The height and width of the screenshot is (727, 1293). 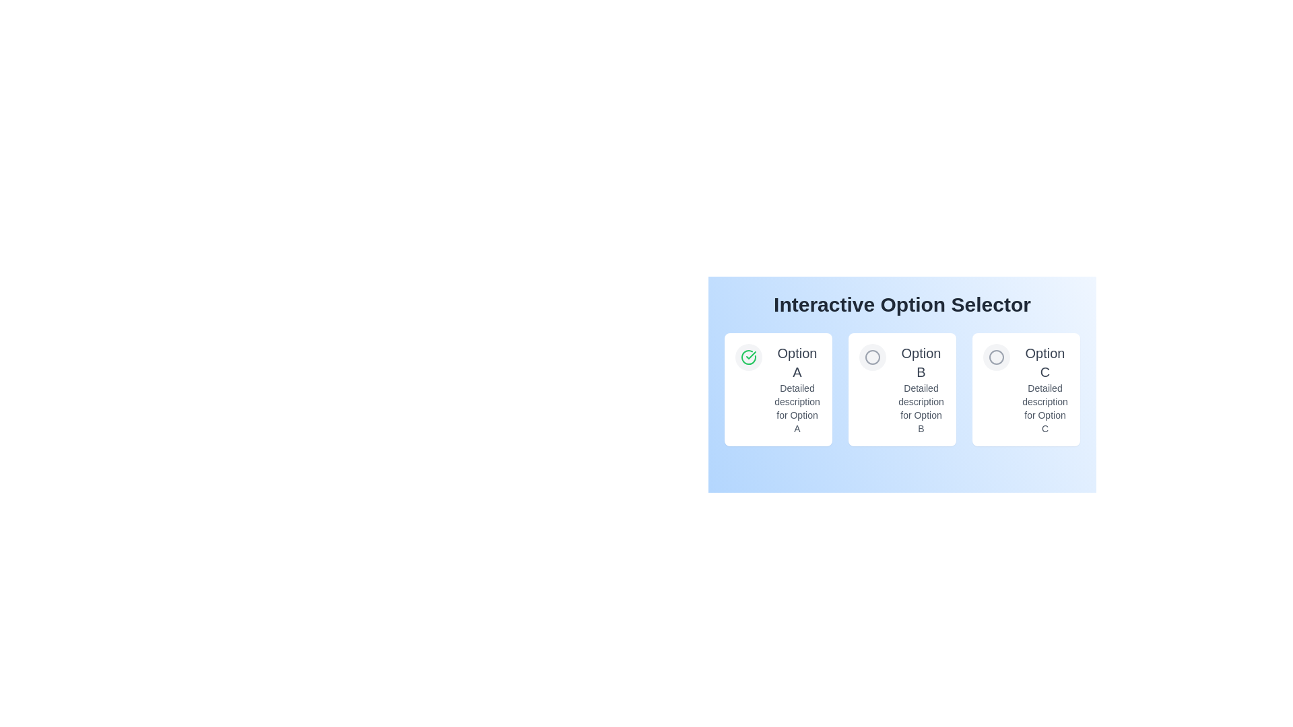 I want to click on the first selectable option in the interactive option selector component, which is positioned to the right of the green check mark icon and immediately to the left of 'Option B', so click(x=797, y=389).